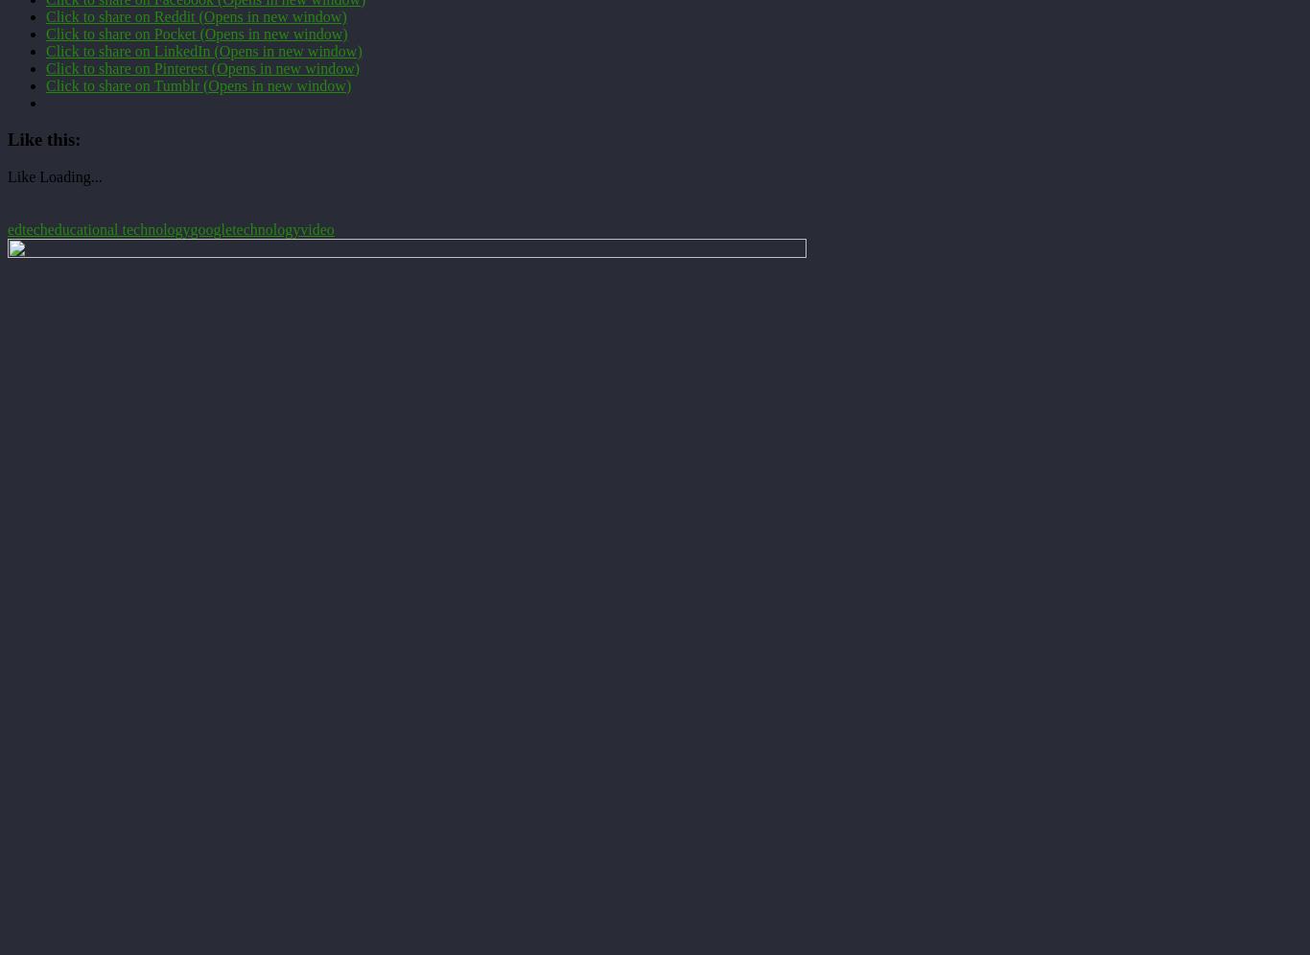  I want to click on 'Click to share on Reddit (Opens in new window)', so click(195, 15).